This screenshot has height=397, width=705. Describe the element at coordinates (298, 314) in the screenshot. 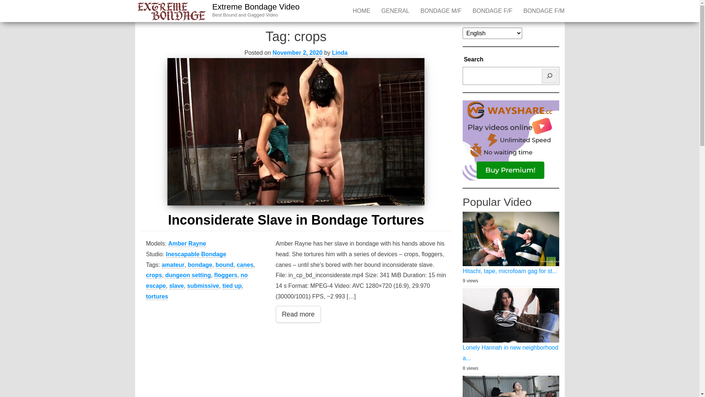

I see `'Read more'` at that location.